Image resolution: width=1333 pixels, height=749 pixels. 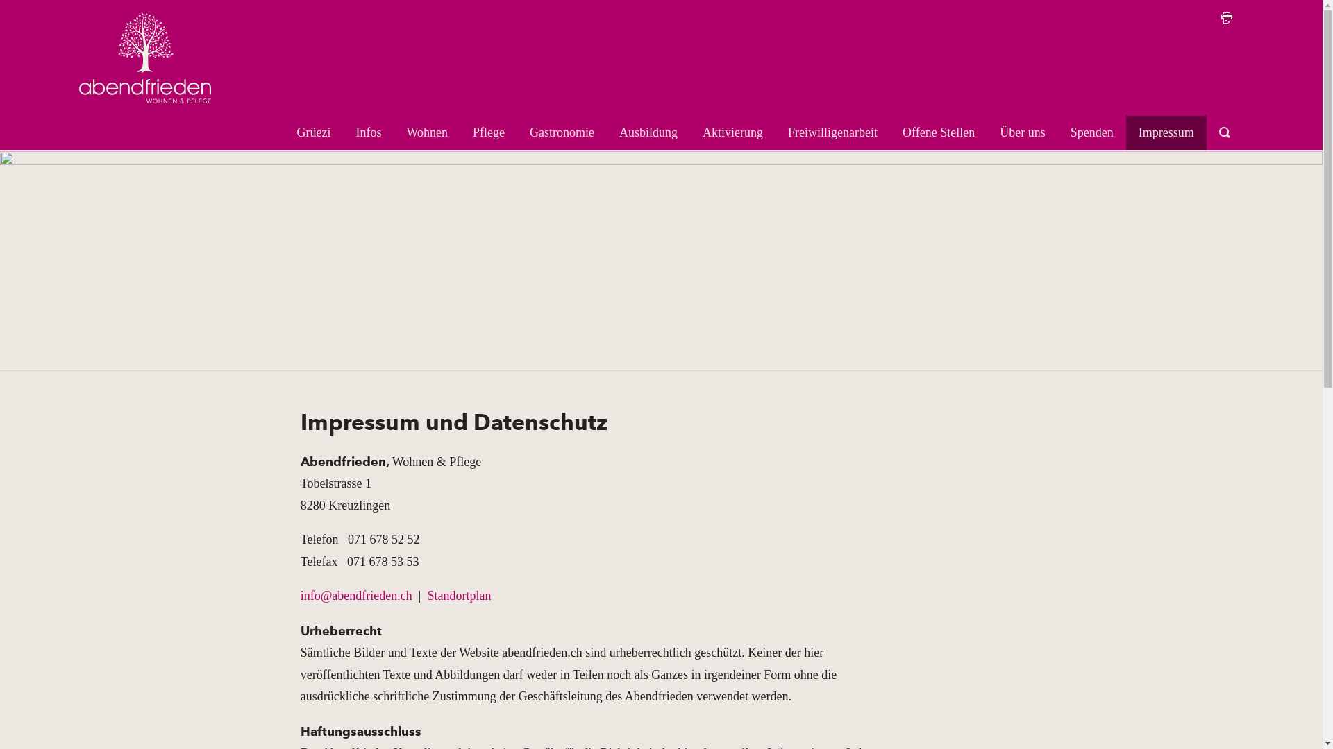 What do you see at coordinates (369, 133) in the screenshot?
I see `'Infos'` at bounding box center [369, 133].